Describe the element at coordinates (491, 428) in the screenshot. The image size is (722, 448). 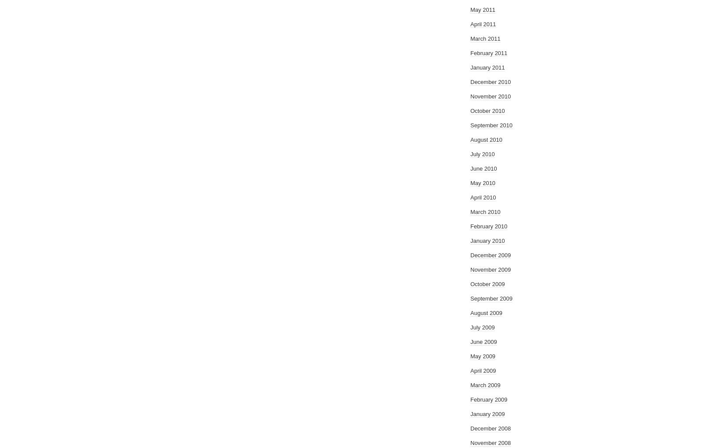
I see `'December 2008'` at that location.